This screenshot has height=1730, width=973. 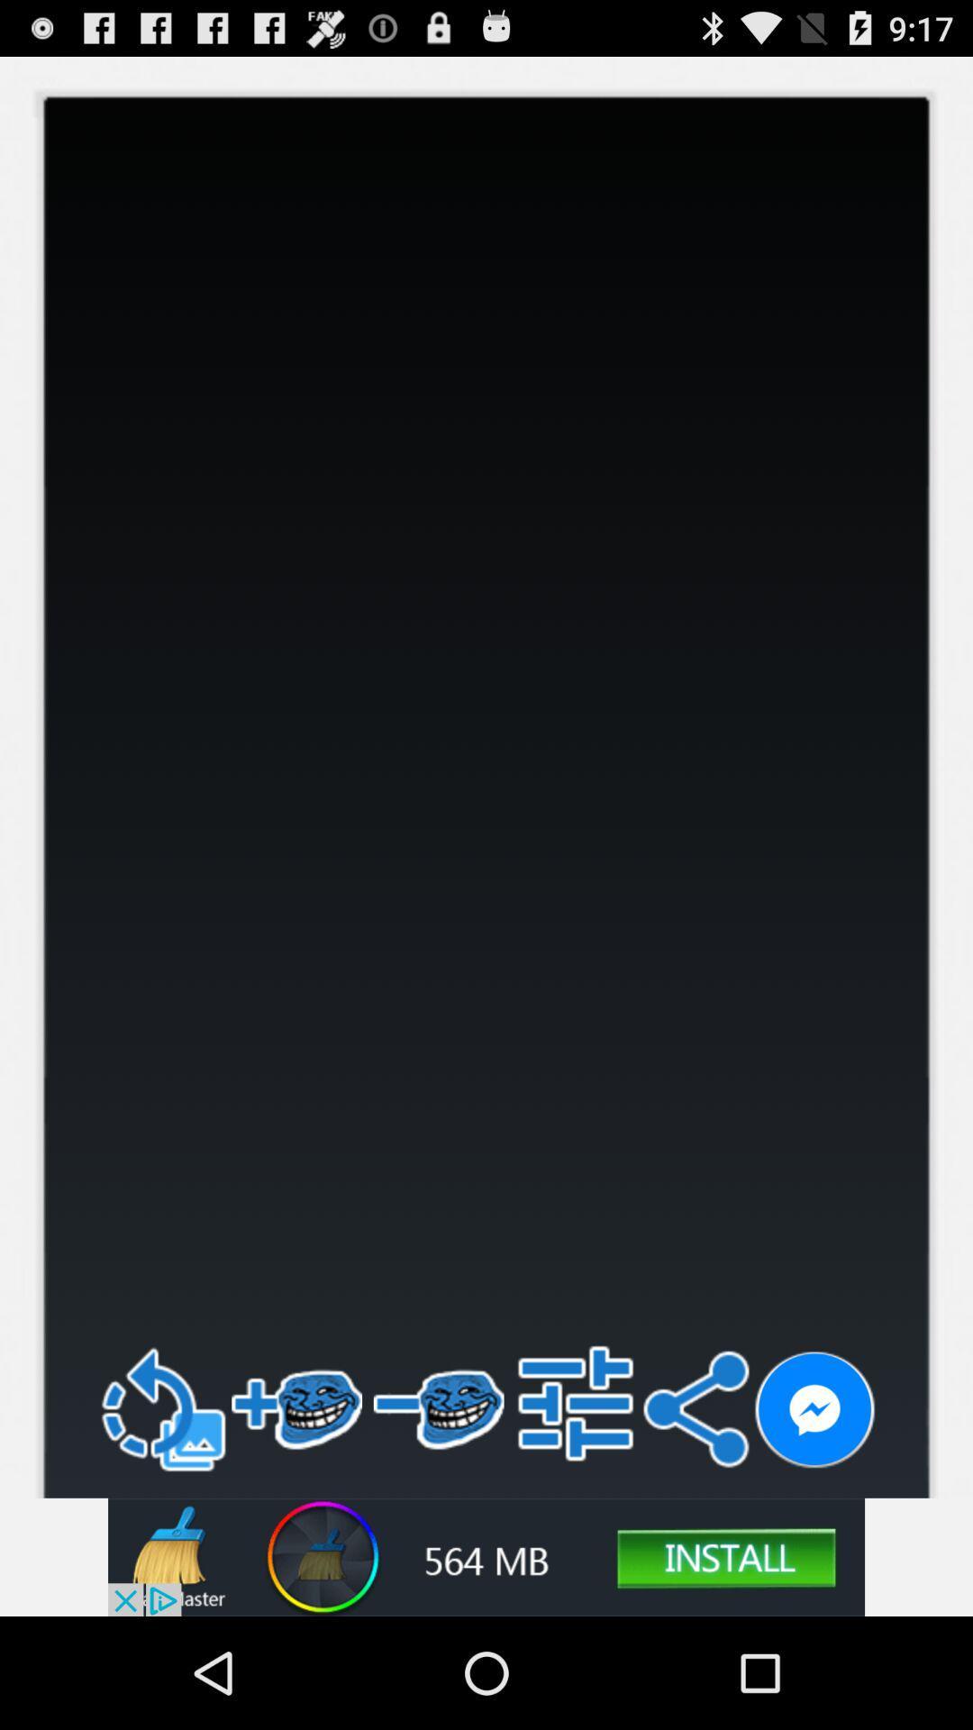 What do you see at coordinates (695, 1508) in the screenshot?
I see `the share icon` at bounding box center [695, 1508].